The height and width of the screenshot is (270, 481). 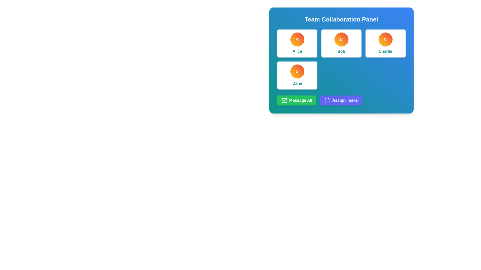 I want to click on the decorative rectangle that resembles an envelope, which is part of the mail icon located to the left of the green 'Message All' button at the bottom of the panel, so click(x=284, y=100).